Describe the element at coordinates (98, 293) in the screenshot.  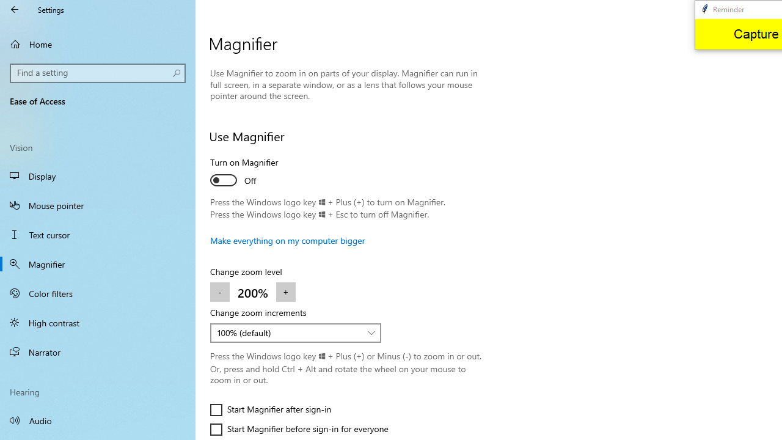
I see `'Color filters'` at that location.